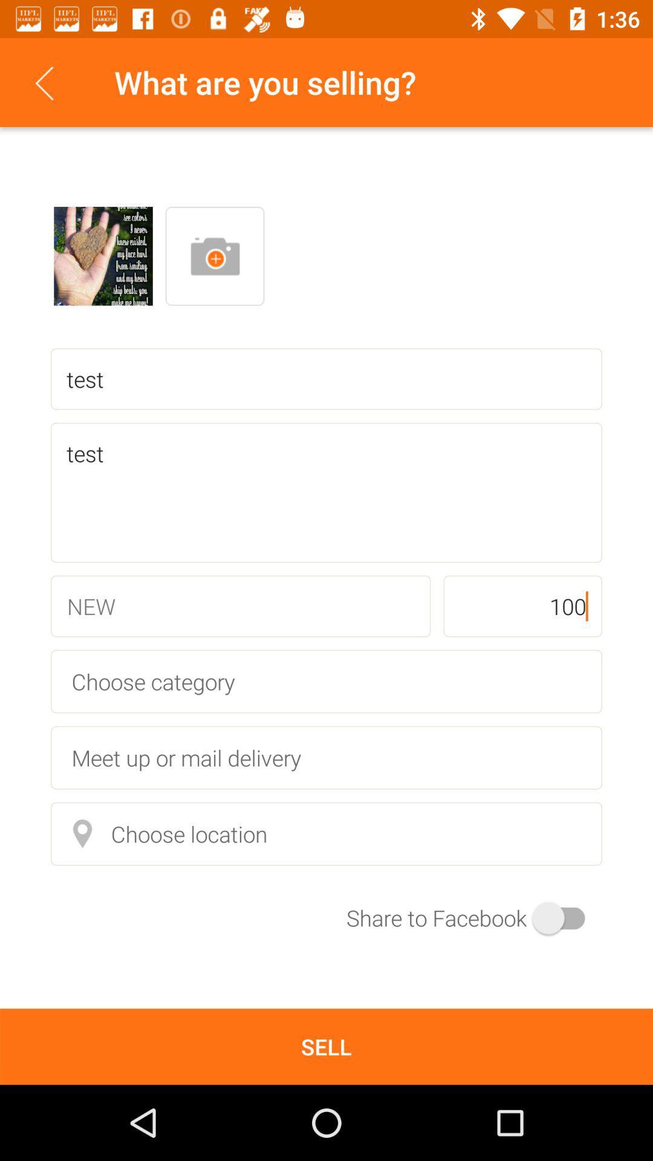 The height and width of the screenshot is (1161, 653). I want to click on photo, so click(102, 255).